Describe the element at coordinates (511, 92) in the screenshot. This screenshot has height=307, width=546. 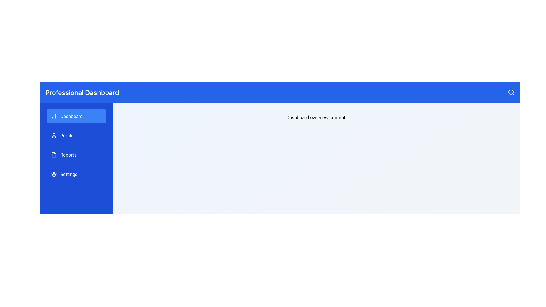
I see `the magnifying glass icon located in the top-right corner of the header bar to initiate a search` at that location.